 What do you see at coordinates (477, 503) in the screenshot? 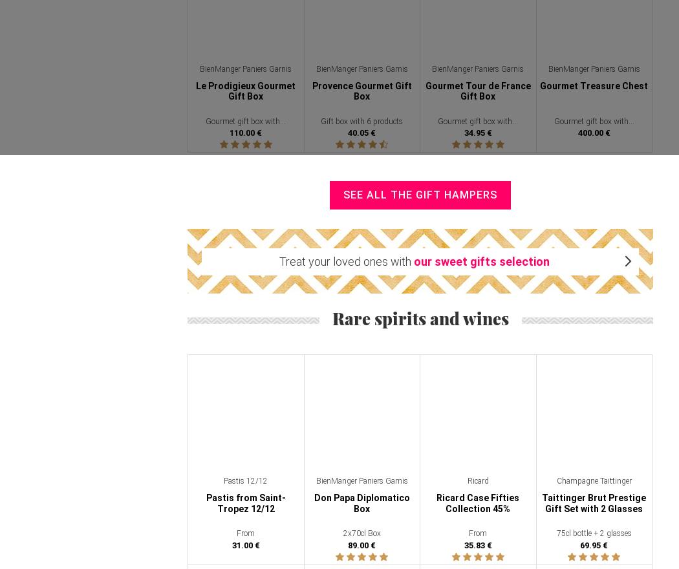
I see `'Ricard Case Fifties Collection 45%'` at bounding box center [477, 503].